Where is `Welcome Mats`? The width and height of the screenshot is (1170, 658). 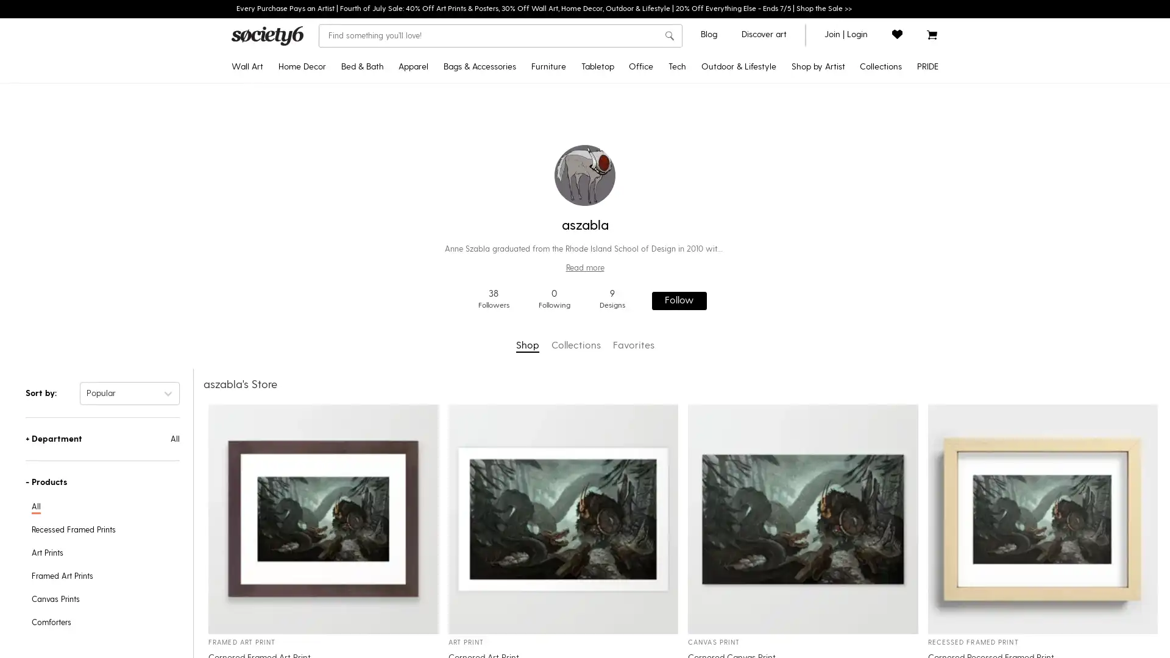 Welcome Mats is located at coordinates (754, 215).